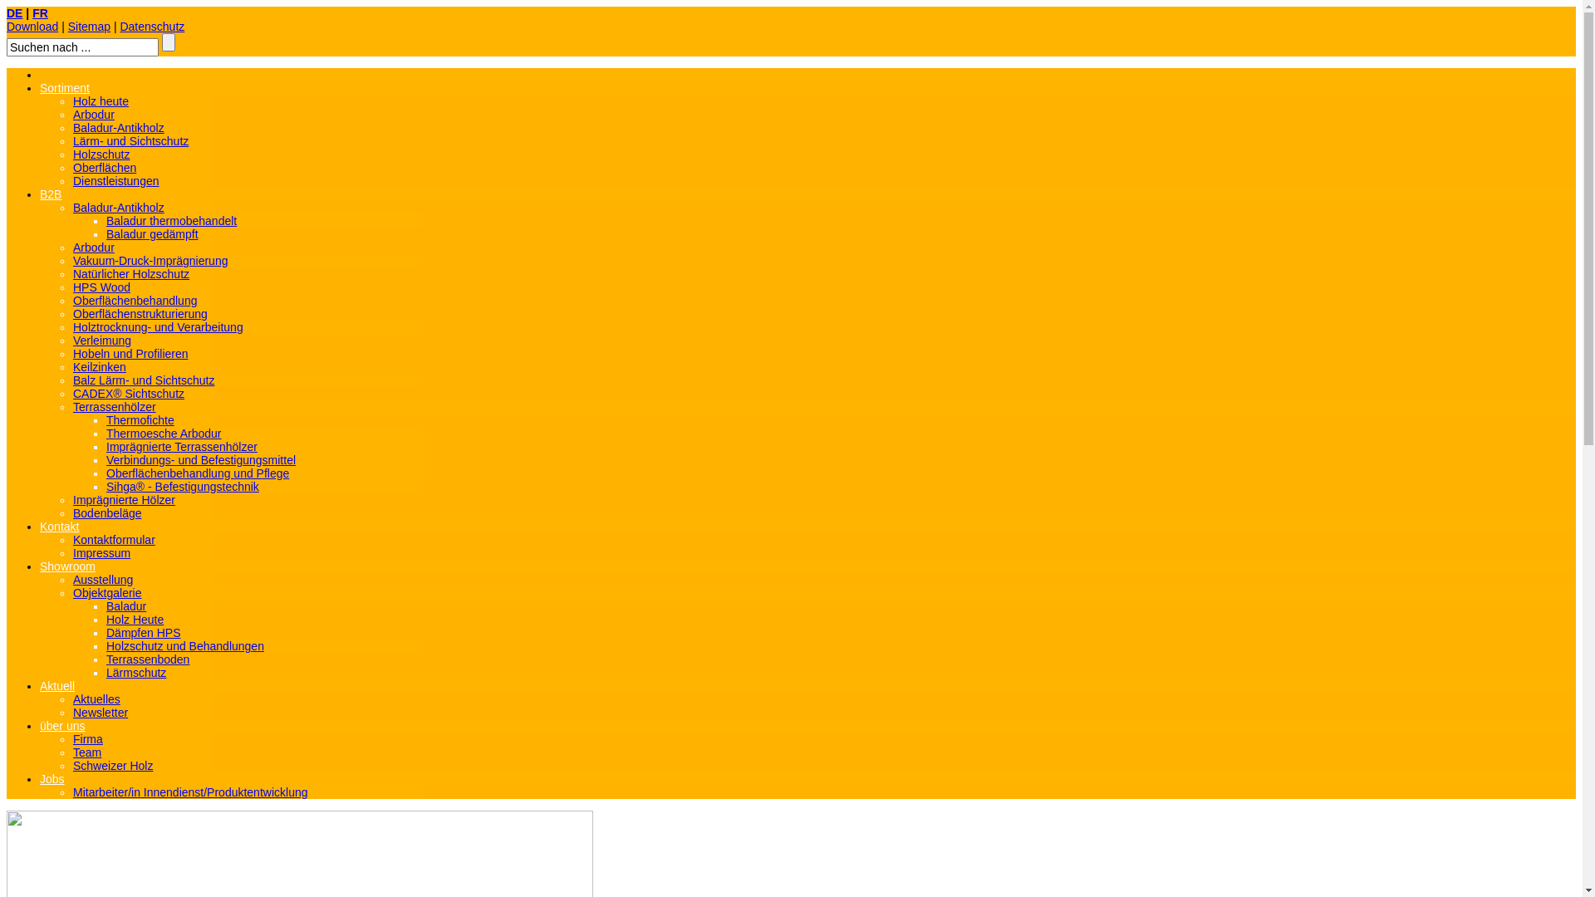 Image resolution: width=1595 pixels, height=897 pixels. What do you see at coordinates (115, 181) in the screenshot?
I see `'Dienstleistungen'` at bounding box center [115, 181].